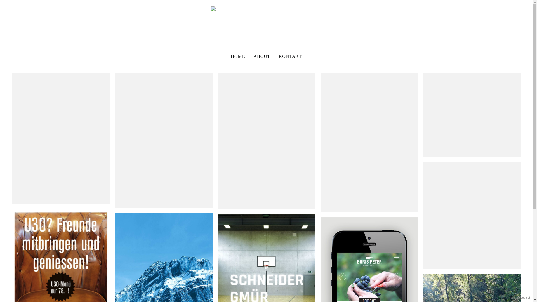 Image resolution: width=537 pixels, height=302 pixels. I want to click on 'allyou.net', so click(518, 297).